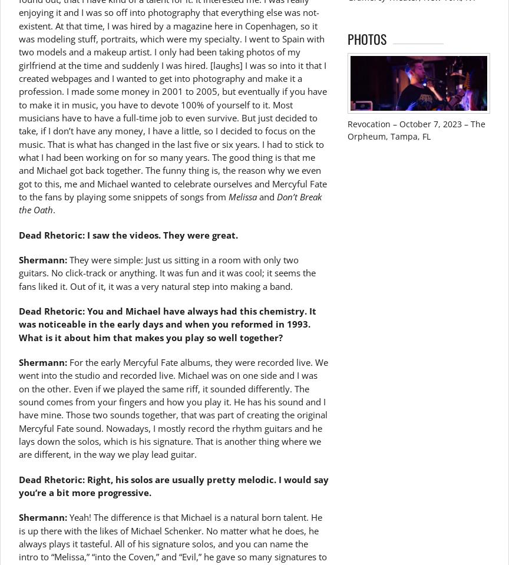  What do you see at coordinates (242, 196) in the screenshot?
I see `'Melissa'` at bounding box center [242, 196].